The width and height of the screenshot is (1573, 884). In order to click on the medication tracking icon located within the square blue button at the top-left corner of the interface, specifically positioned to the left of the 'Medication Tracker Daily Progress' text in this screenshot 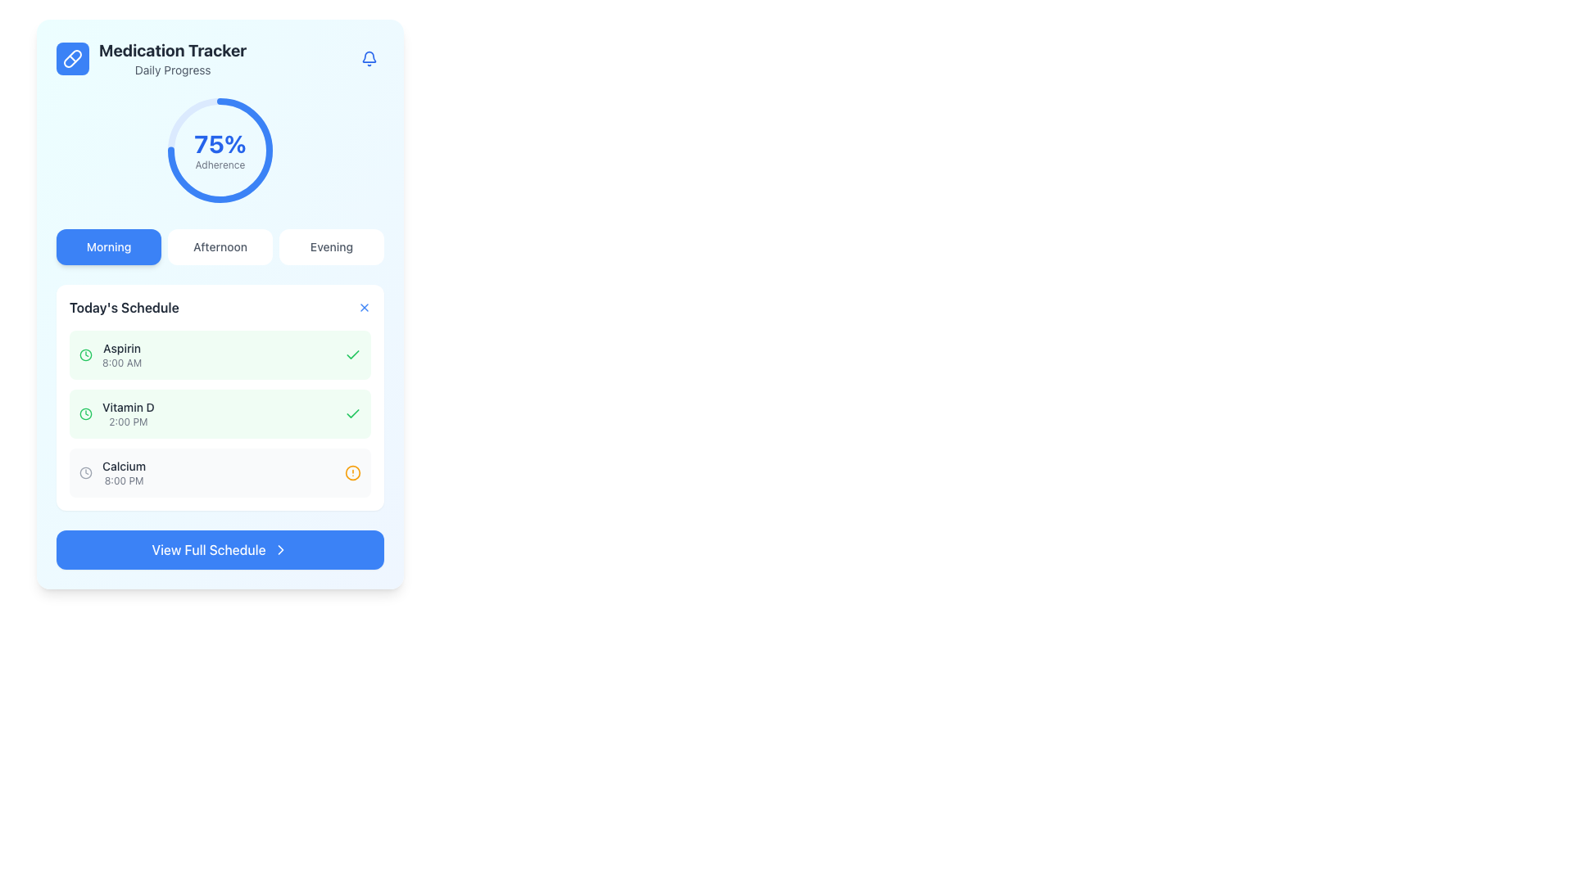, I will do `click(72, 58)`.